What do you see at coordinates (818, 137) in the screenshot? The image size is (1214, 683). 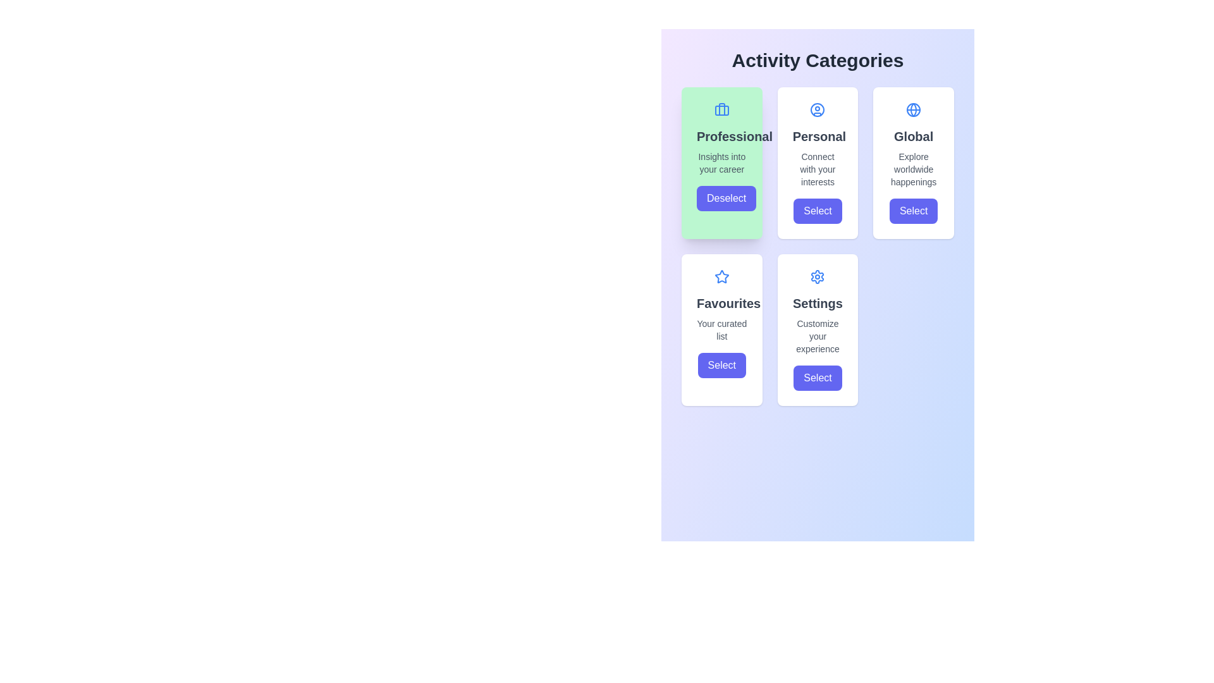 I see `the static text element that serves as the title for the 'Personal' activity options, located in the second column of the first row of the activity categories grid` at bounding box center [818, 137].